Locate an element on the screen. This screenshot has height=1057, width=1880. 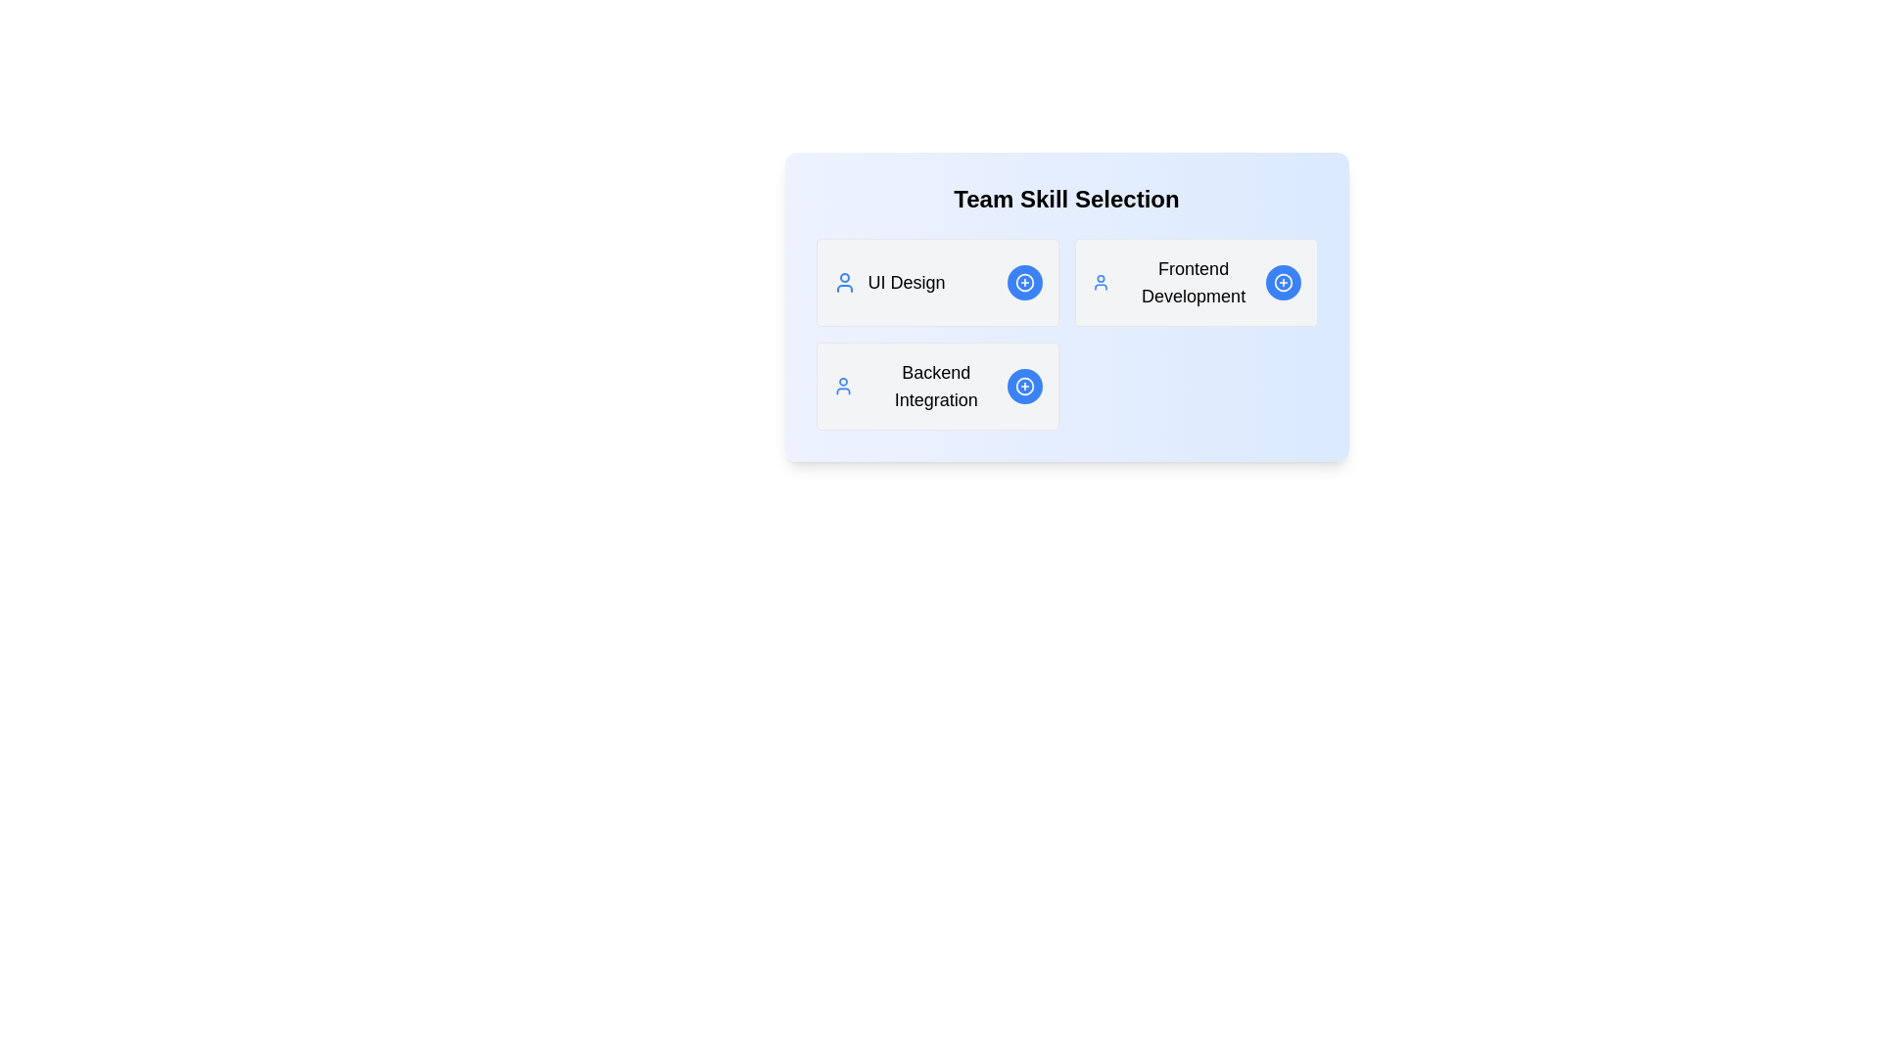
action button for the skill Frontend Development to toggle its assignment state is located at coordinates (1283, 283).